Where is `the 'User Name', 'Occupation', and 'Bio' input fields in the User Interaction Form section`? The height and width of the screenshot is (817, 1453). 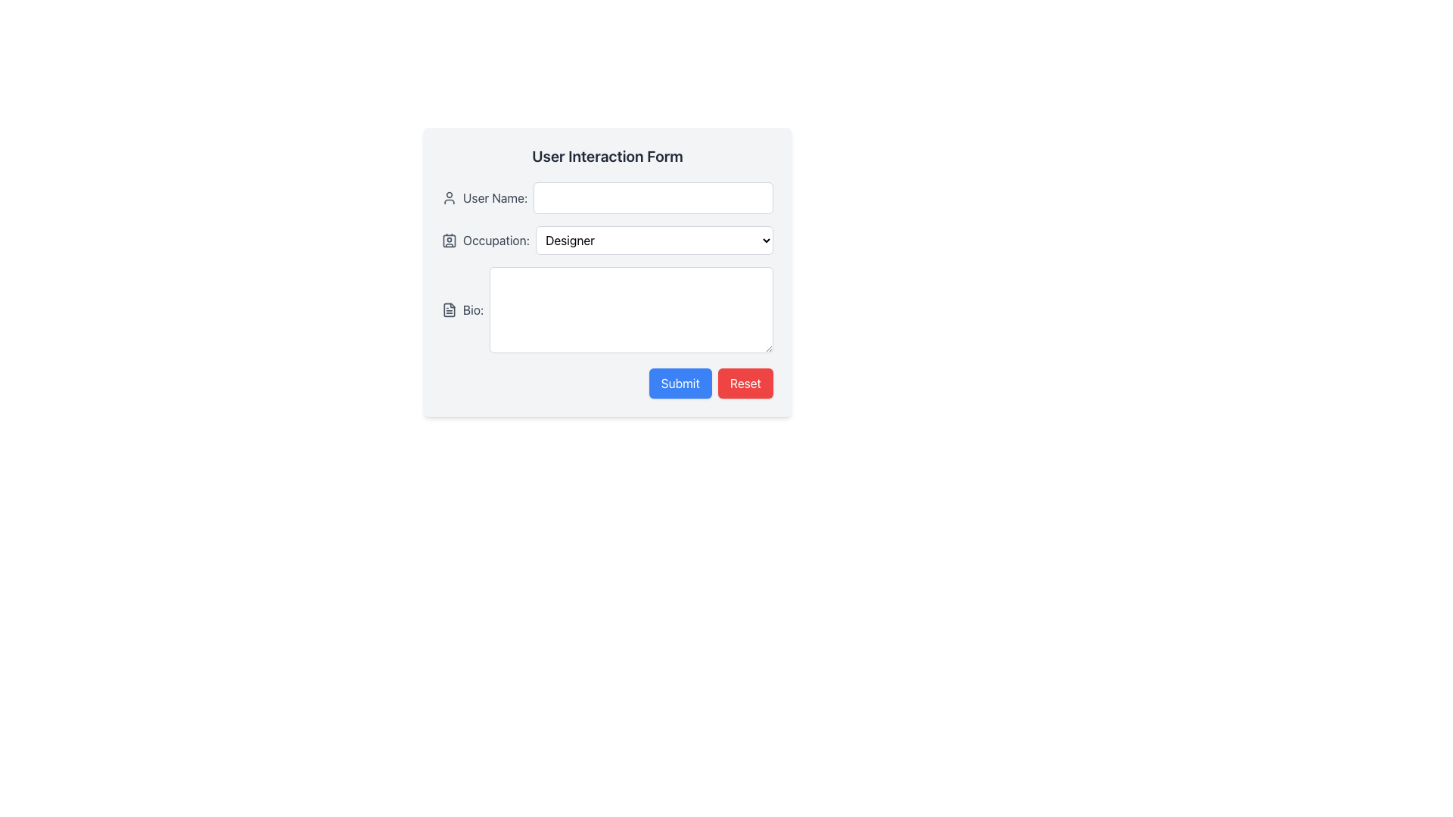 the 'User Name', 'Occupation', and 'Bio' input fields in the User Interaction Form section is located at coordinates (607, 267).